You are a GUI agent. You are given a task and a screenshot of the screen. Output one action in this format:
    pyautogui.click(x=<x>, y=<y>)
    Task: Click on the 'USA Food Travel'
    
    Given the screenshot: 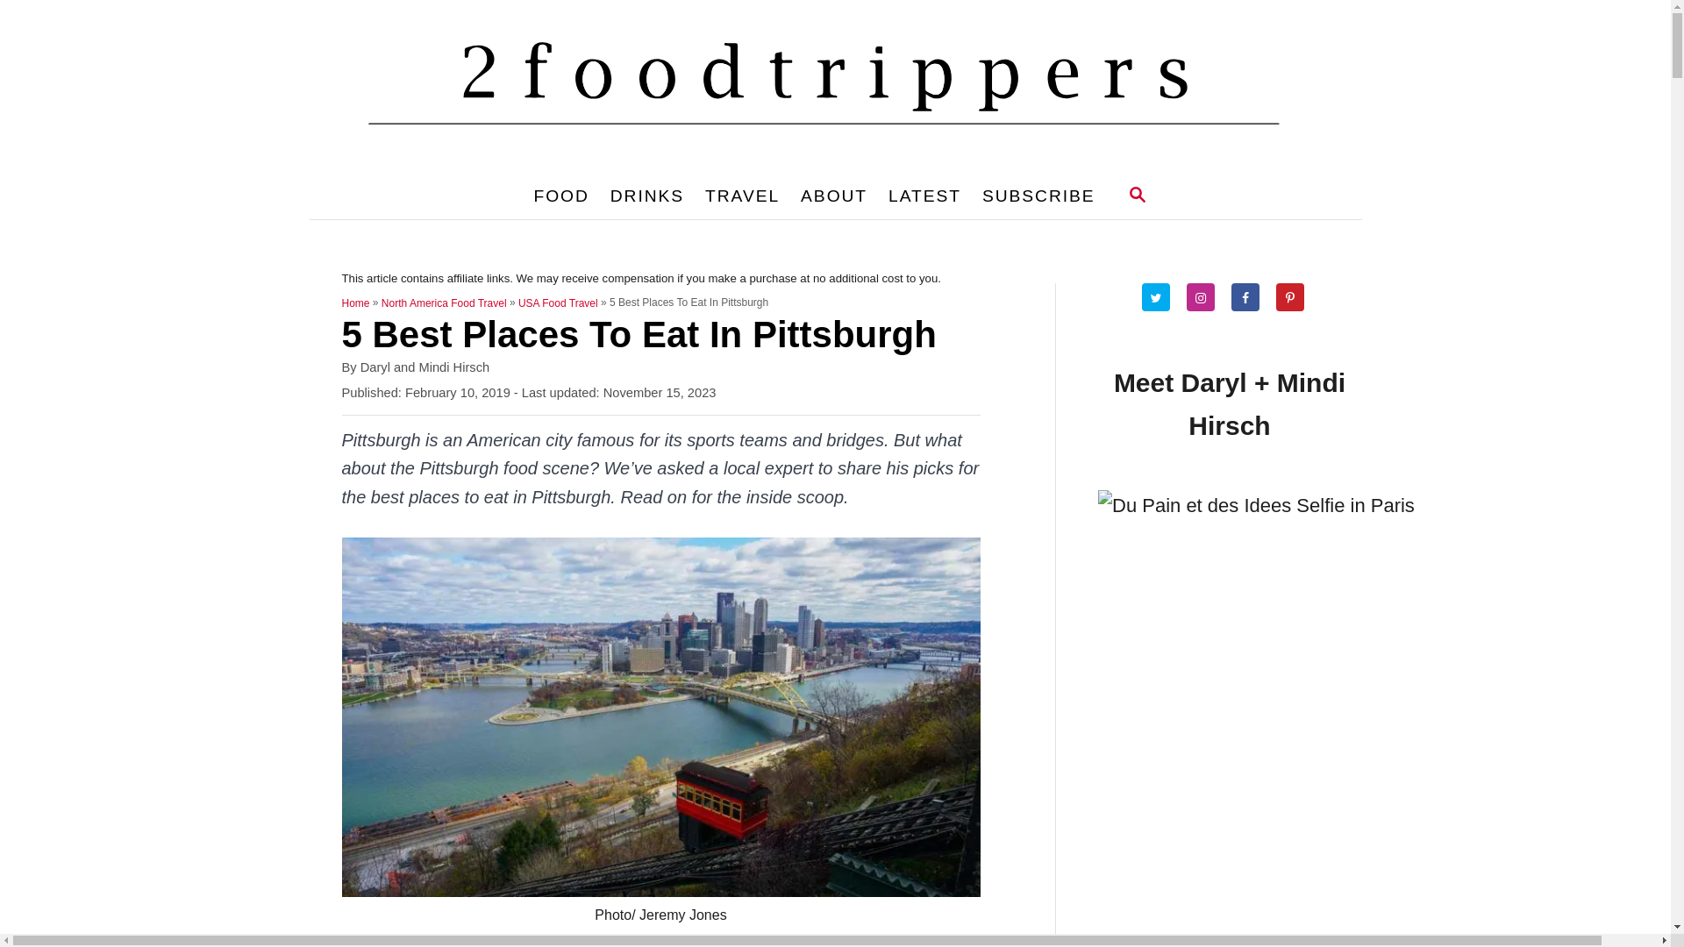 What is the action you would take?
    pyautogui.click(x=557, y=303)
    